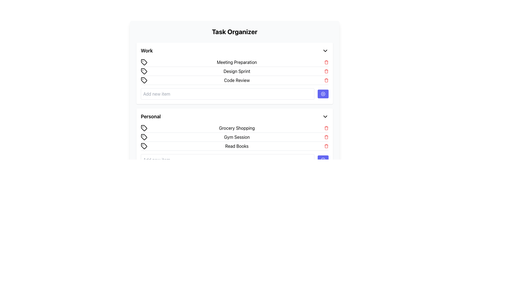 This screenshot has width=524, height=295. Describe the element at coordinates (151, 116) in the screenshot. I see `the bold and large text label displaying 'Personal', which is styled to stand out as a category title within the collapsible section header` at that location.